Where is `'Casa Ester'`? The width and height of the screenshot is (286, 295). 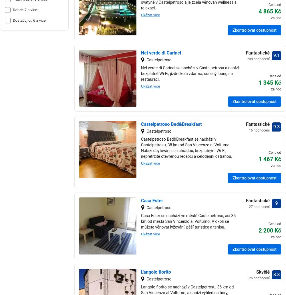
'Casa Ester' is located at coordinates (152, 201).